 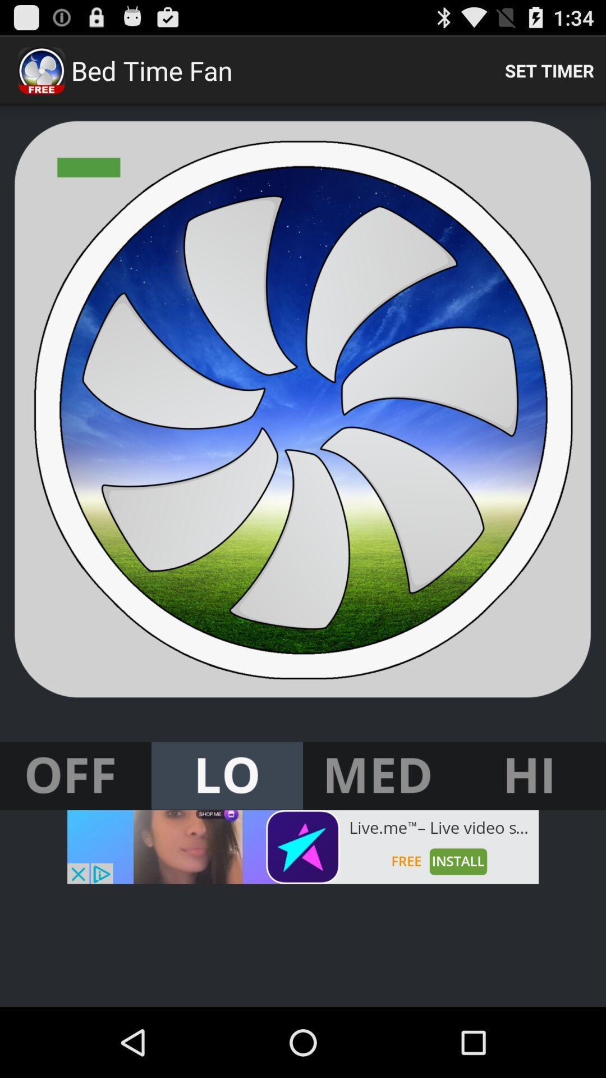 I want to click on turn fan off, so click(x=76, y=775).